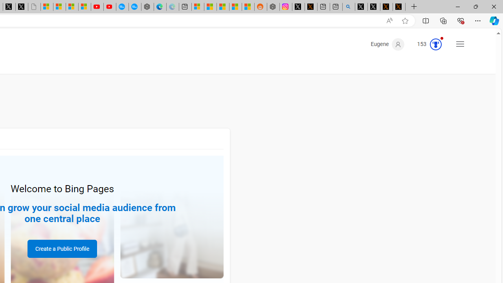 The height and width of the screenshot is (283, 503). Describe the element at coordinates (97, 7) in the screenshot. I see `'Gloom - YouTube'` at that location.